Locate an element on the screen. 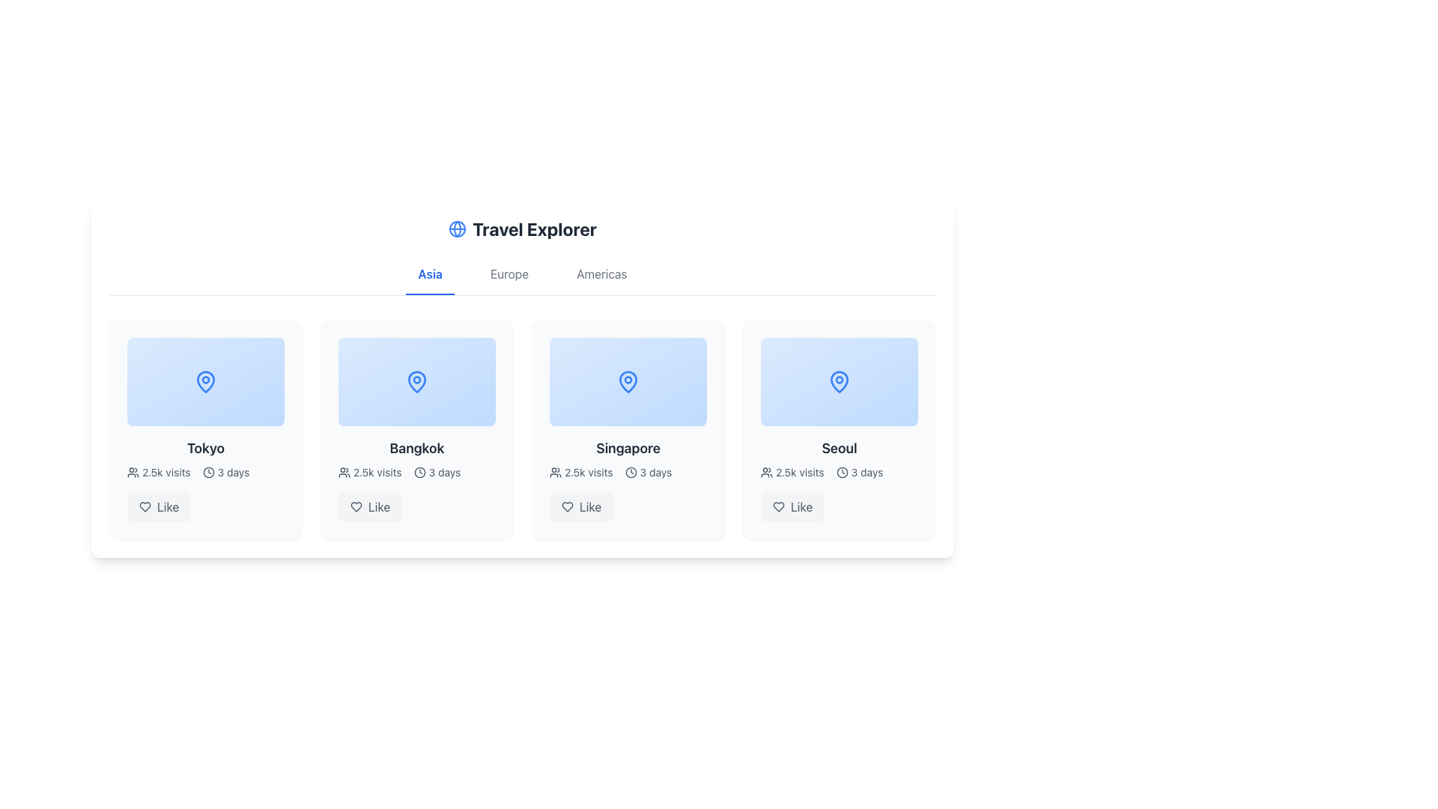 The image size is (1438, 809). the heart icon located in the 'Like' button under the 'Bangkok' card to initiate the 'like' action is located at coordinates (355, 506).